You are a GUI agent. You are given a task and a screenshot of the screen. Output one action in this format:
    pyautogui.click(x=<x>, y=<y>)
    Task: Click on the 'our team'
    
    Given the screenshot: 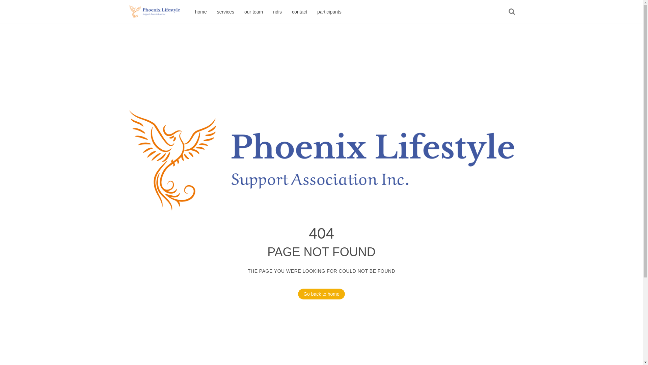 What is the action you would take?
    pyautogui.click(x=253, y=11)
    